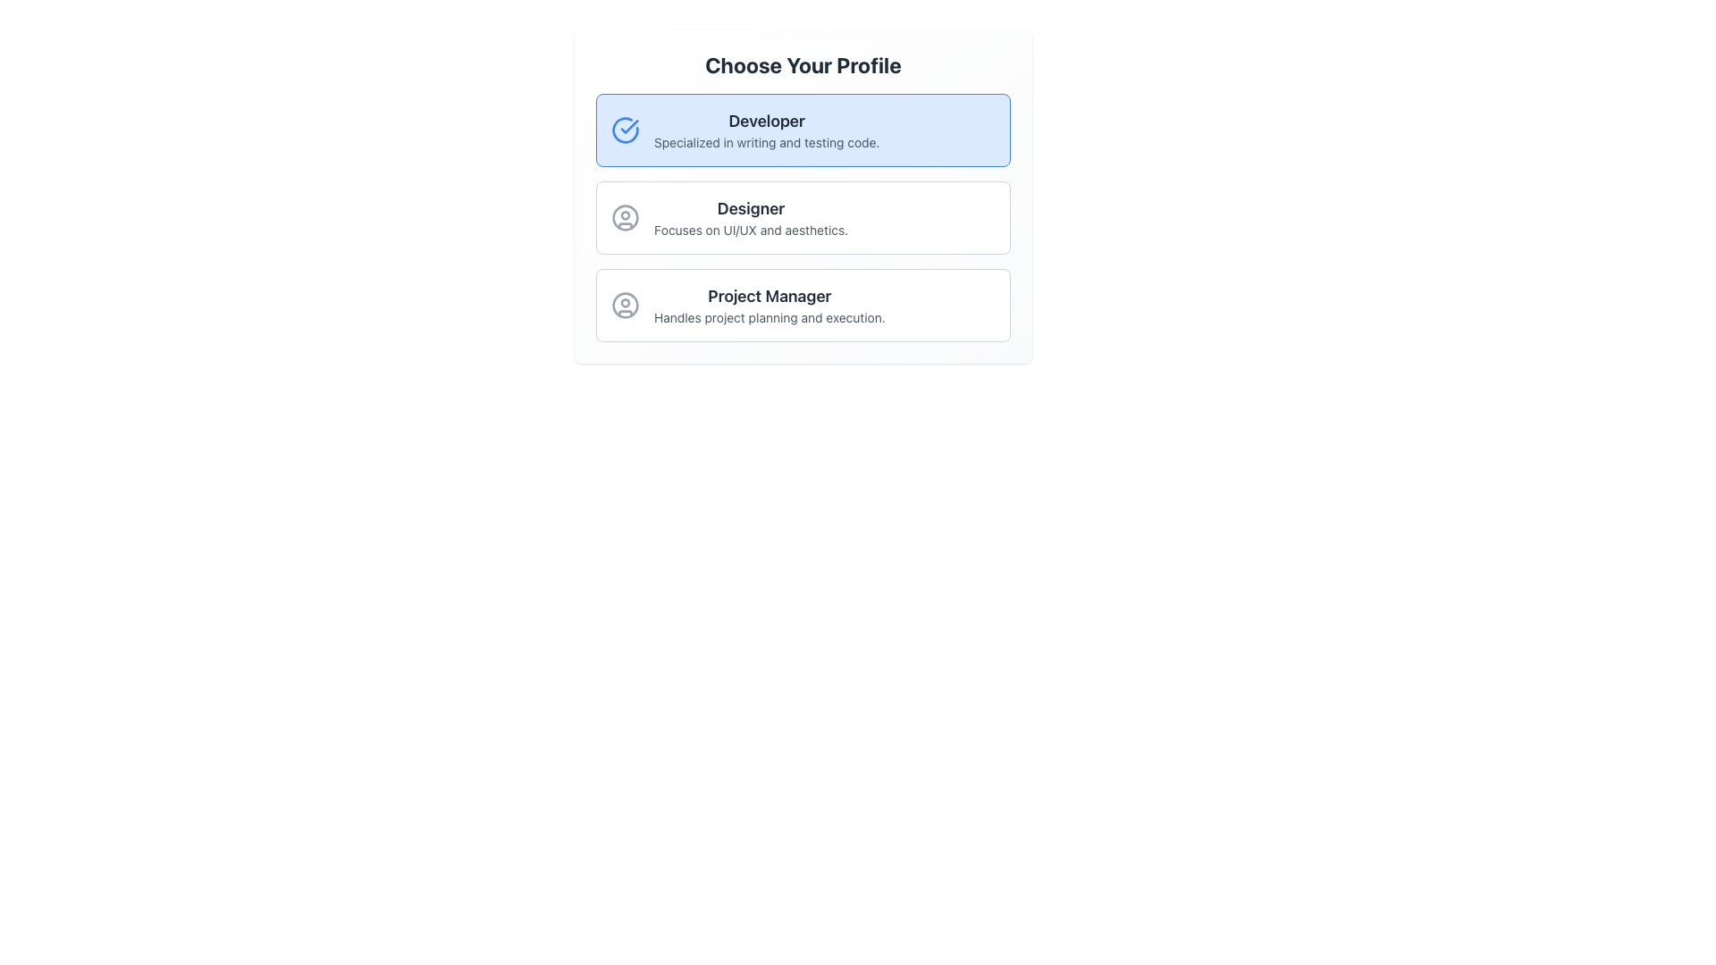 This screenshot has height=965, width=1716. Describe the element at coordinates (751, 216) in the screenshot. I see `the 'Designer' profile text block, which is the second option in a vertical list of three options, positioned between 'Developer' and 'Project Manager'` at that location.